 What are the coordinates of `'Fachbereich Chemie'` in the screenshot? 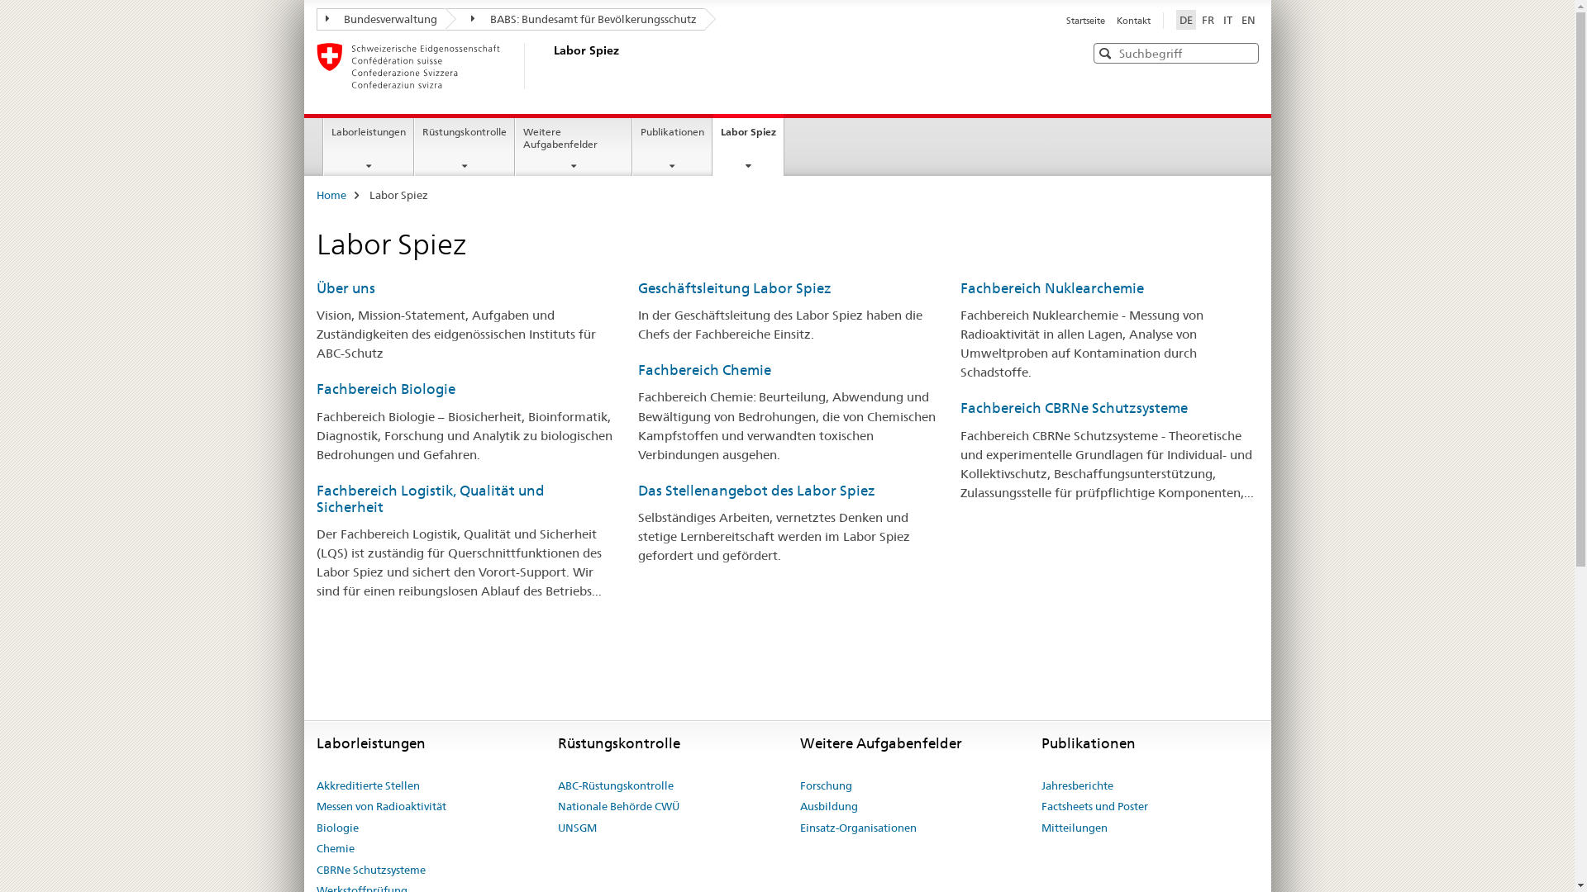 It's located at (704, 368).